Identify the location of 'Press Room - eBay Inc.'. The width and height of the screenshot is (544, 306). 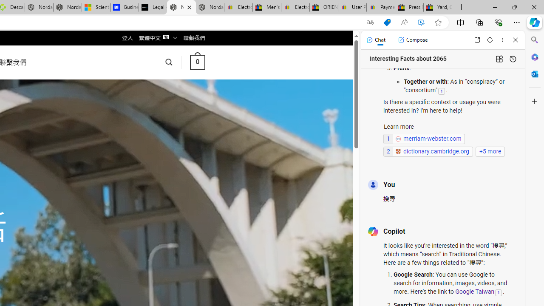
(409, 7).